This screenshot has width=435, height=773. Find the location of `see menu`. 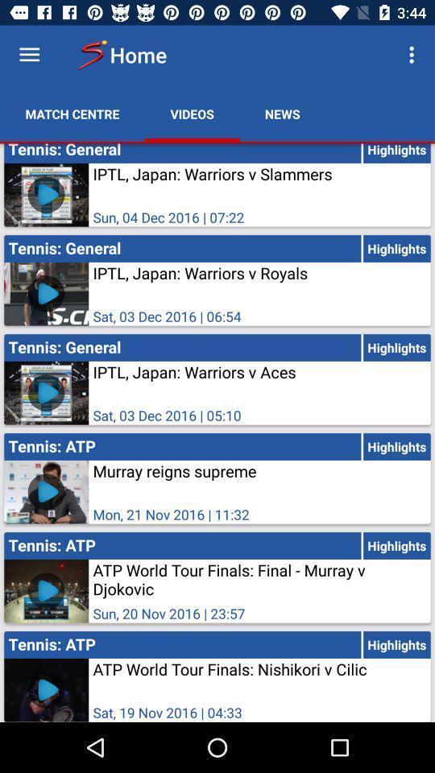

see menu is located at coordinates (29, 55).